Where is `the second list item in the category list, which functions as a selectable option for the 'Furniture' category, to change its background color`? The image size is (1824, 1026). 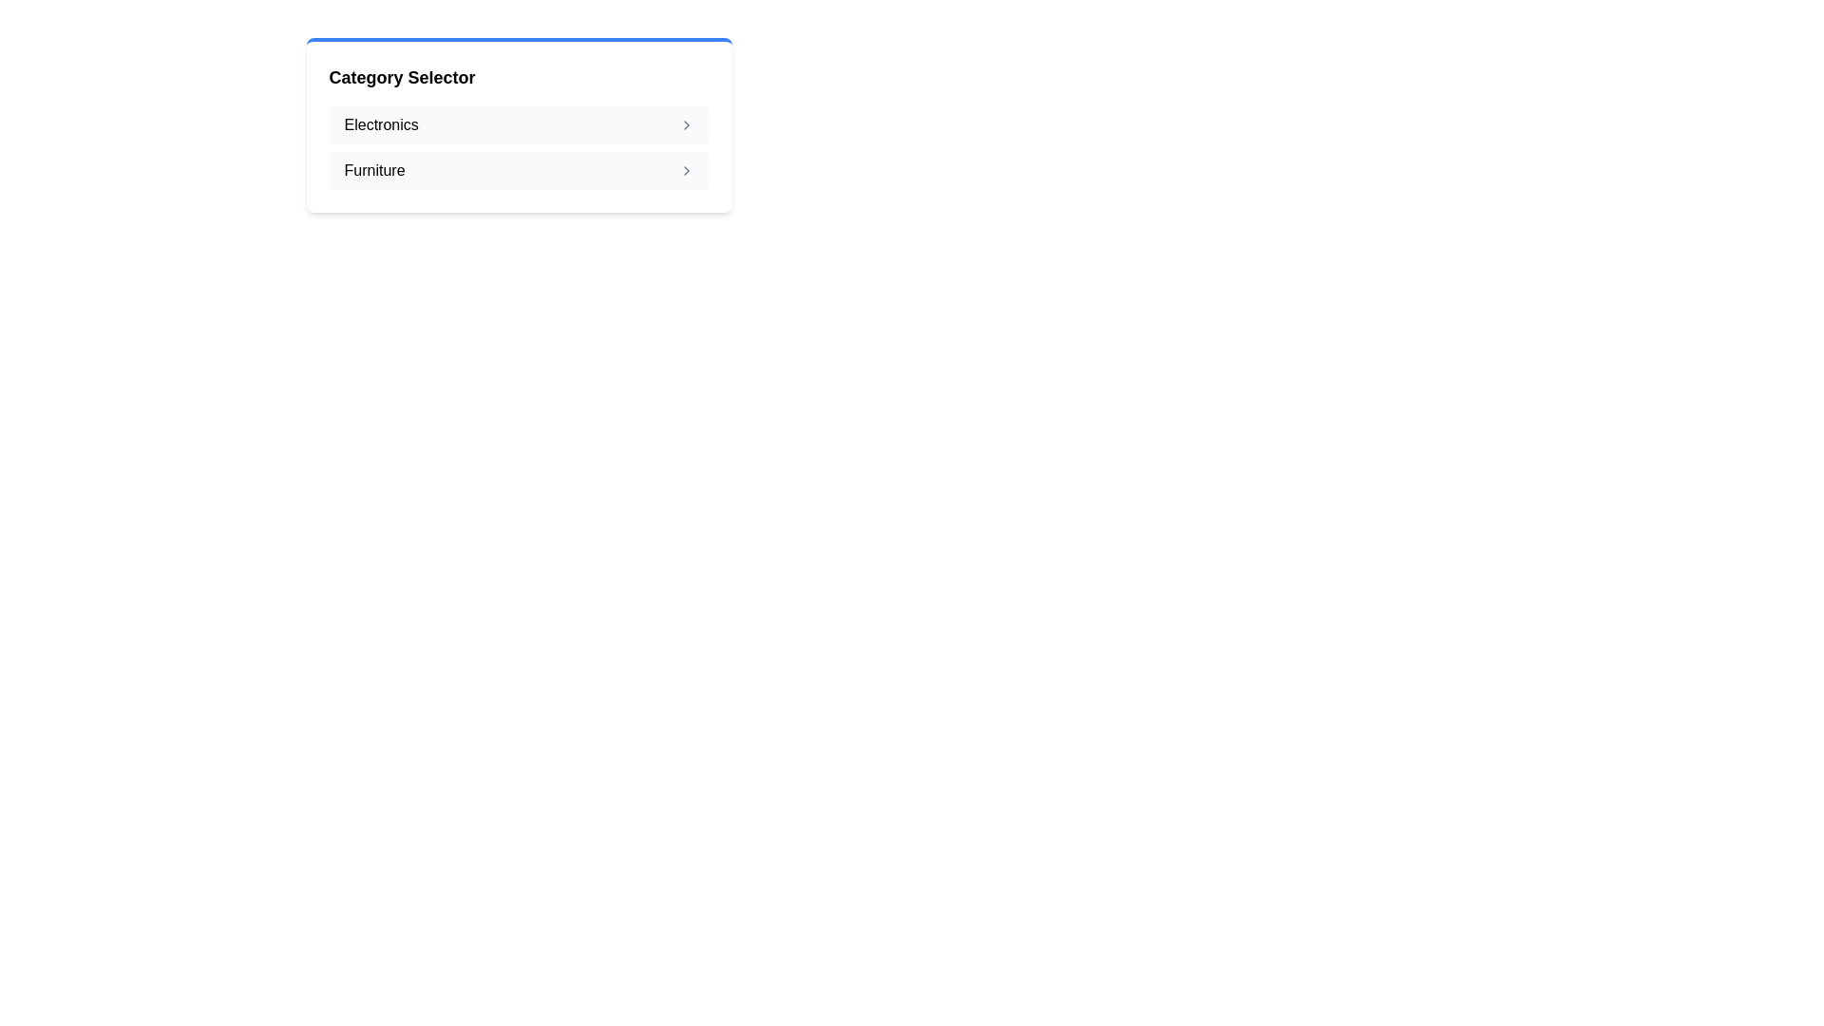
the second list item in the category list, which functions as a selectable option for the 'Furniture' category, to change its background color is located at coordinates (519, 171).